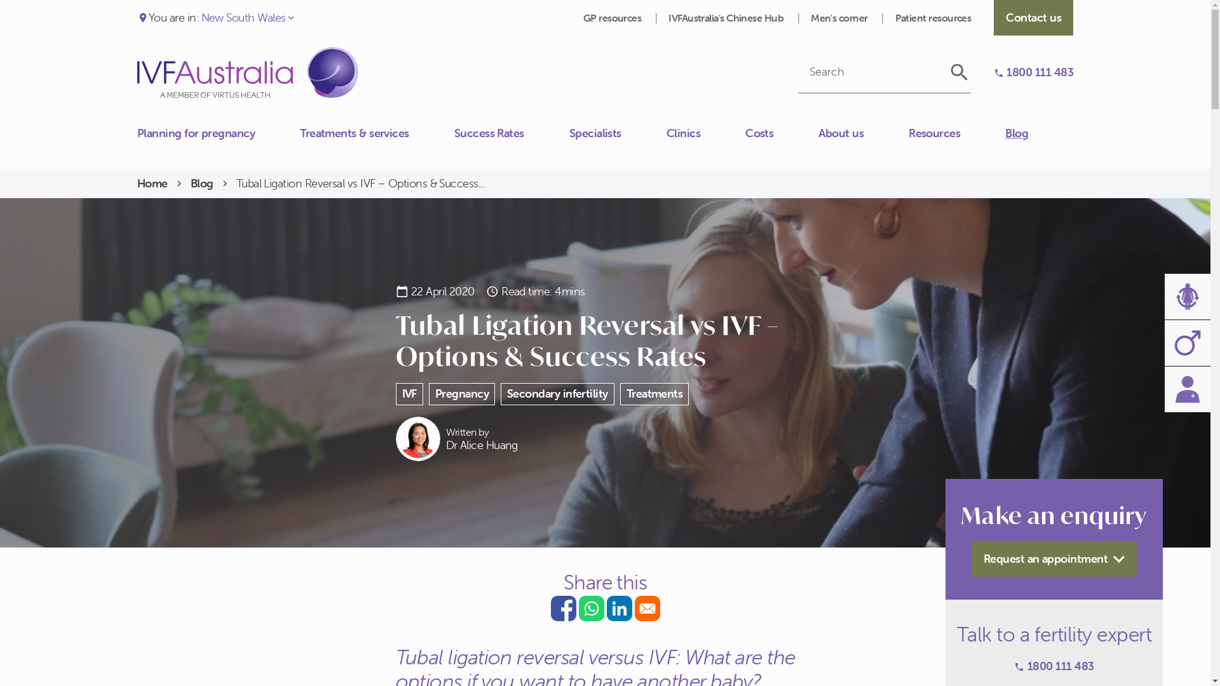  What do you see at coordinates (933, 17) in the screenshot?
I see `'Patient resources'` at bounding box center [933, 17].